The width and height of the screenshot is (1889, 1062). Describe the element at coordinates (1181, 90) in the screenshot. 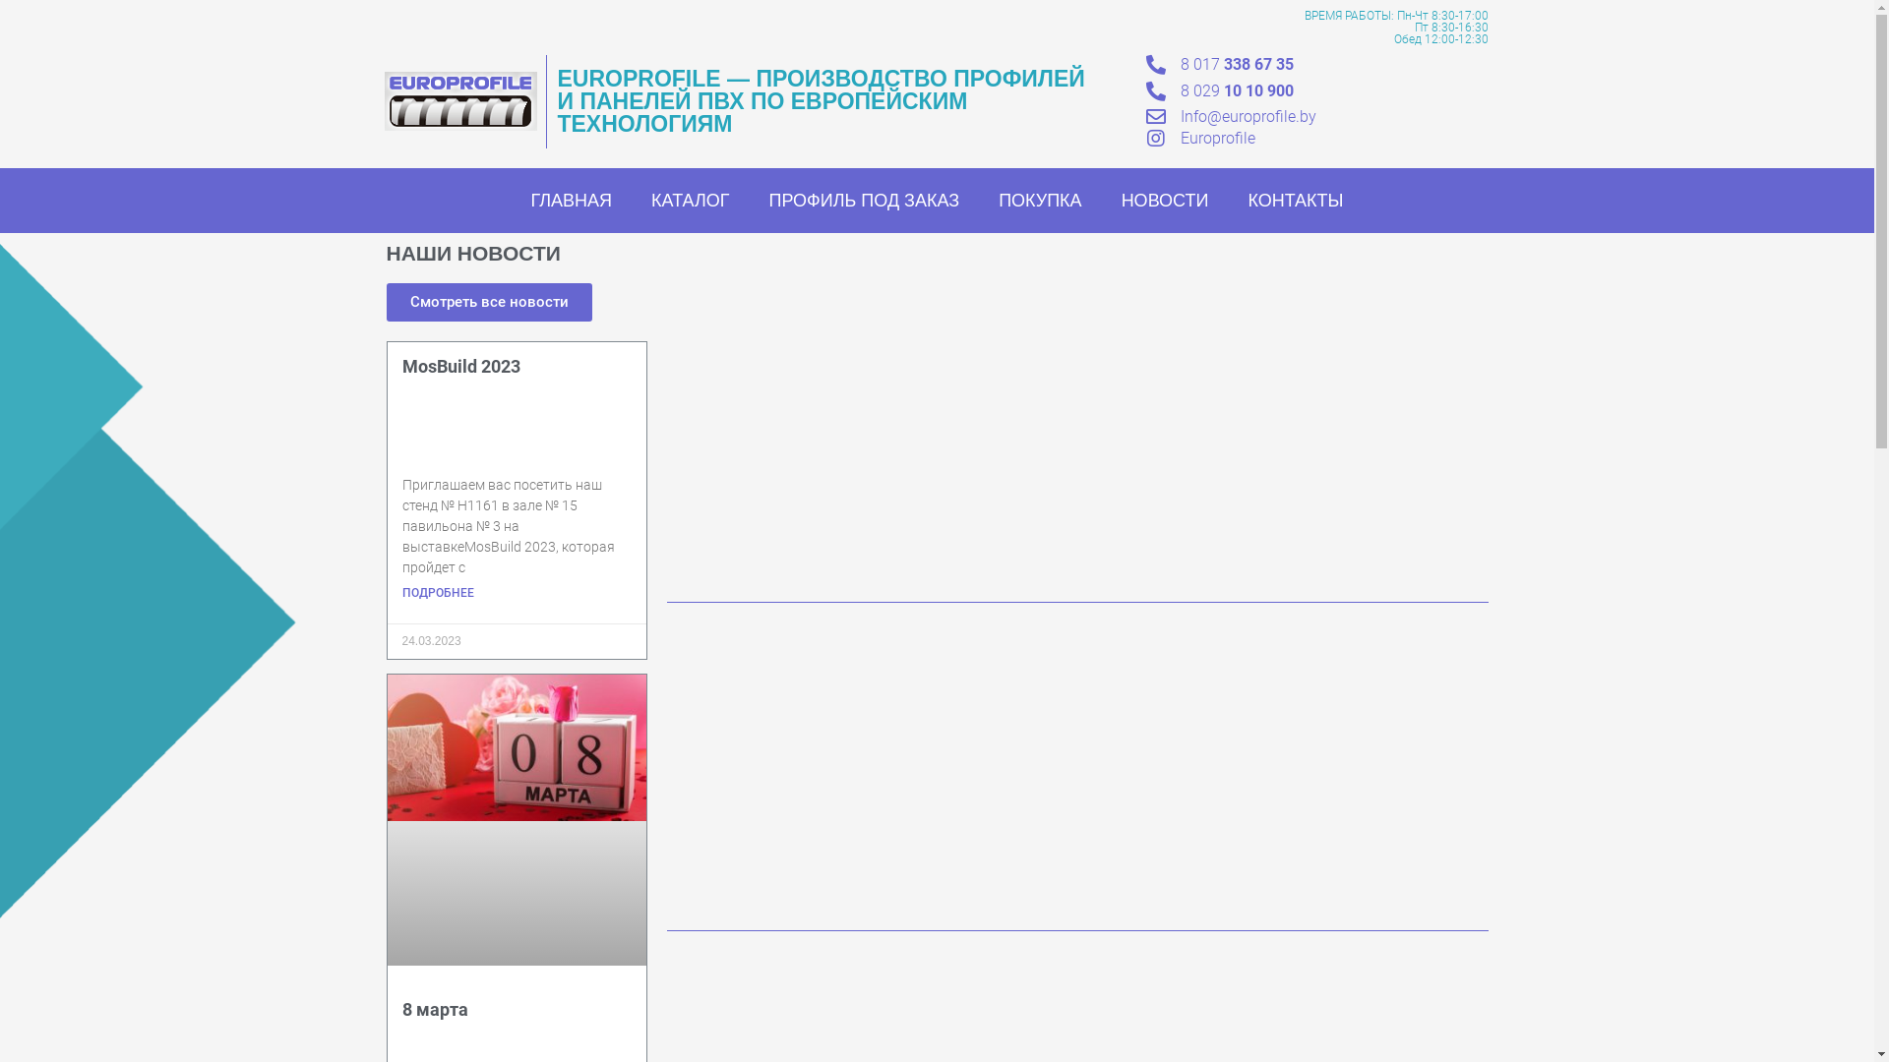

I see `'8 029 10 10 900'` at that location.